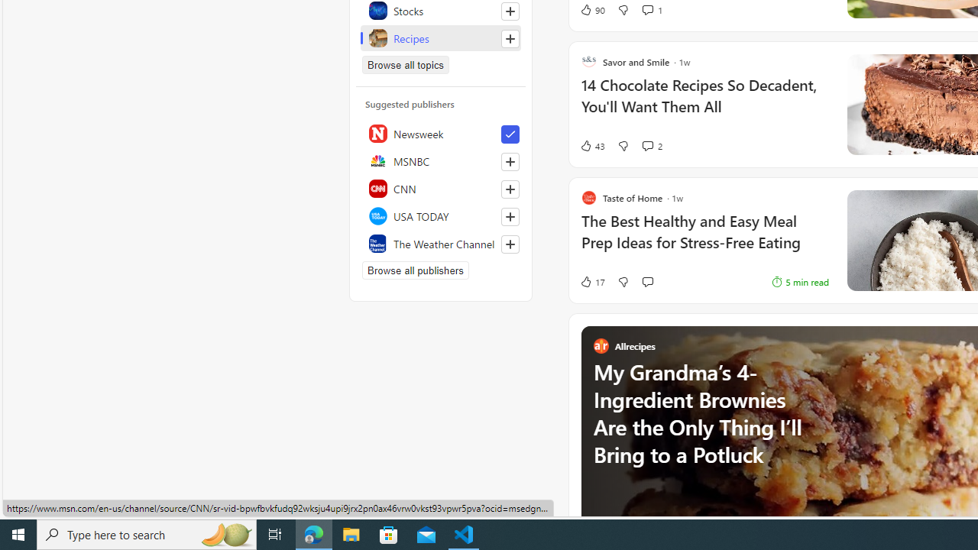 Image resolution: width=978 pixels, height=550 pixels. I want to click on '17 Like', so click(591, 281).